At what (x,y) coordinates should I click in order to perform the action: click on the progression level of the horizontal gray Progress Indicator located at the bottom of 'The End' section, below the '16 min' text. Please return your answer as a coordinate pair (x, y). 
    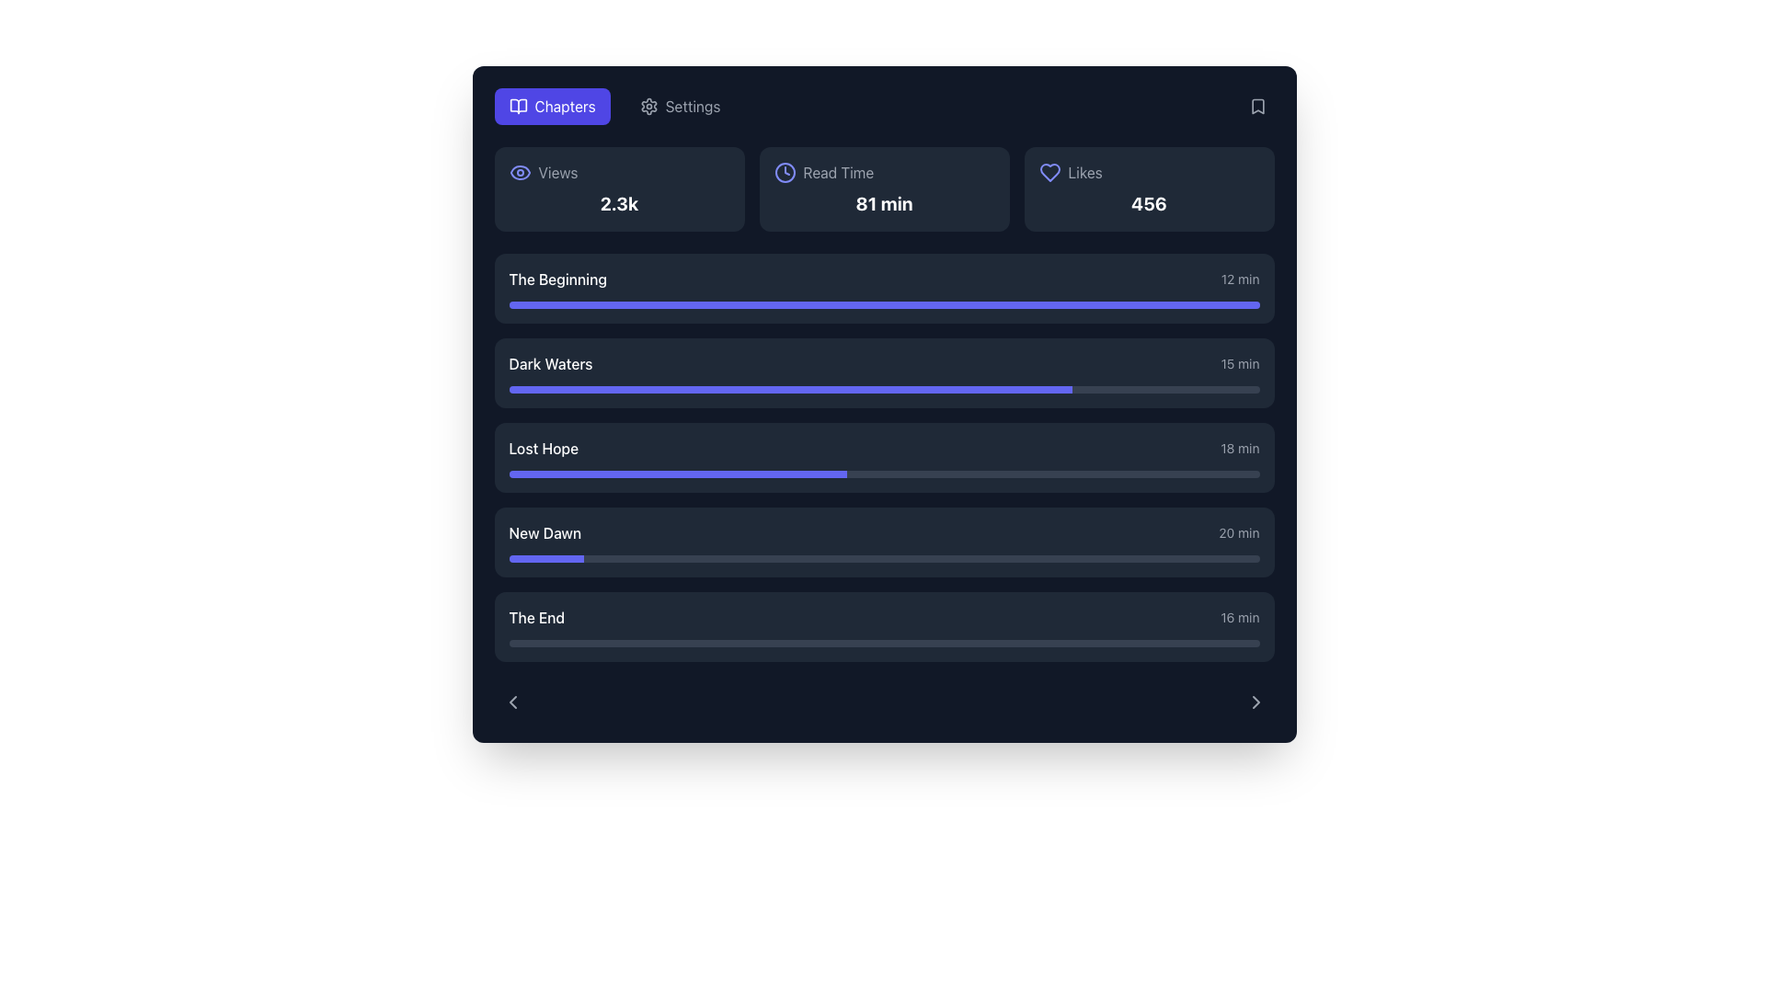
    Looking at the image, I should click on (884, 642).